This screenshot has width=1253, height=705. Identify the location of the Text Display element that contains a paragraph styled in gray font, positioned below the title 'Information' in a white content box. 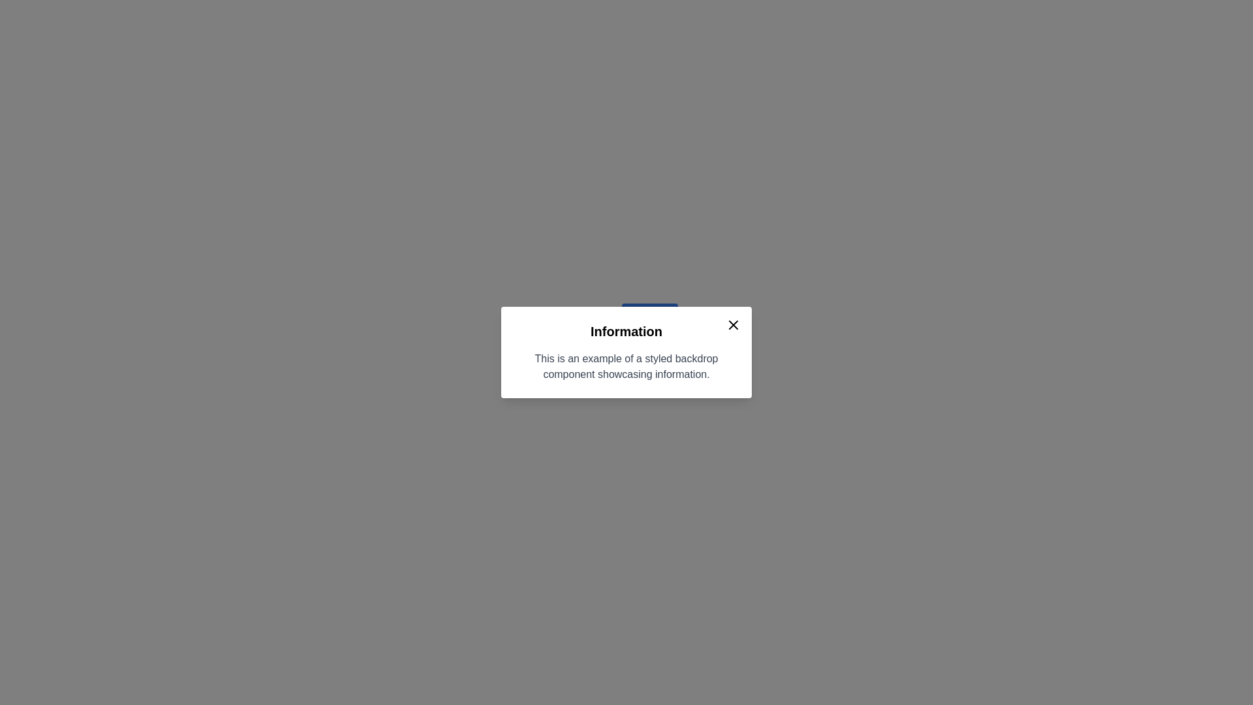
(626, 367).